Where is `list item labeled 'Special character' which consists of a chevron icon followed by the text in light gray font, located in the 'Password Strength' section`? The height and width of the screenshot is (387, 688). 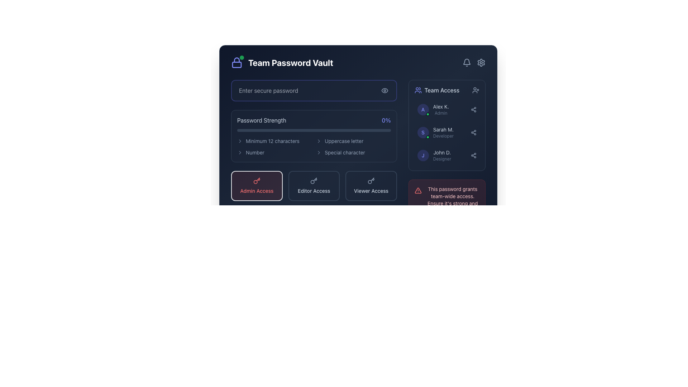 list item labeled 'Special character' which consists of a chevron icon followed by the text in light gray font, located in the 'Password Strength' section is located at coordinates (353, 152).